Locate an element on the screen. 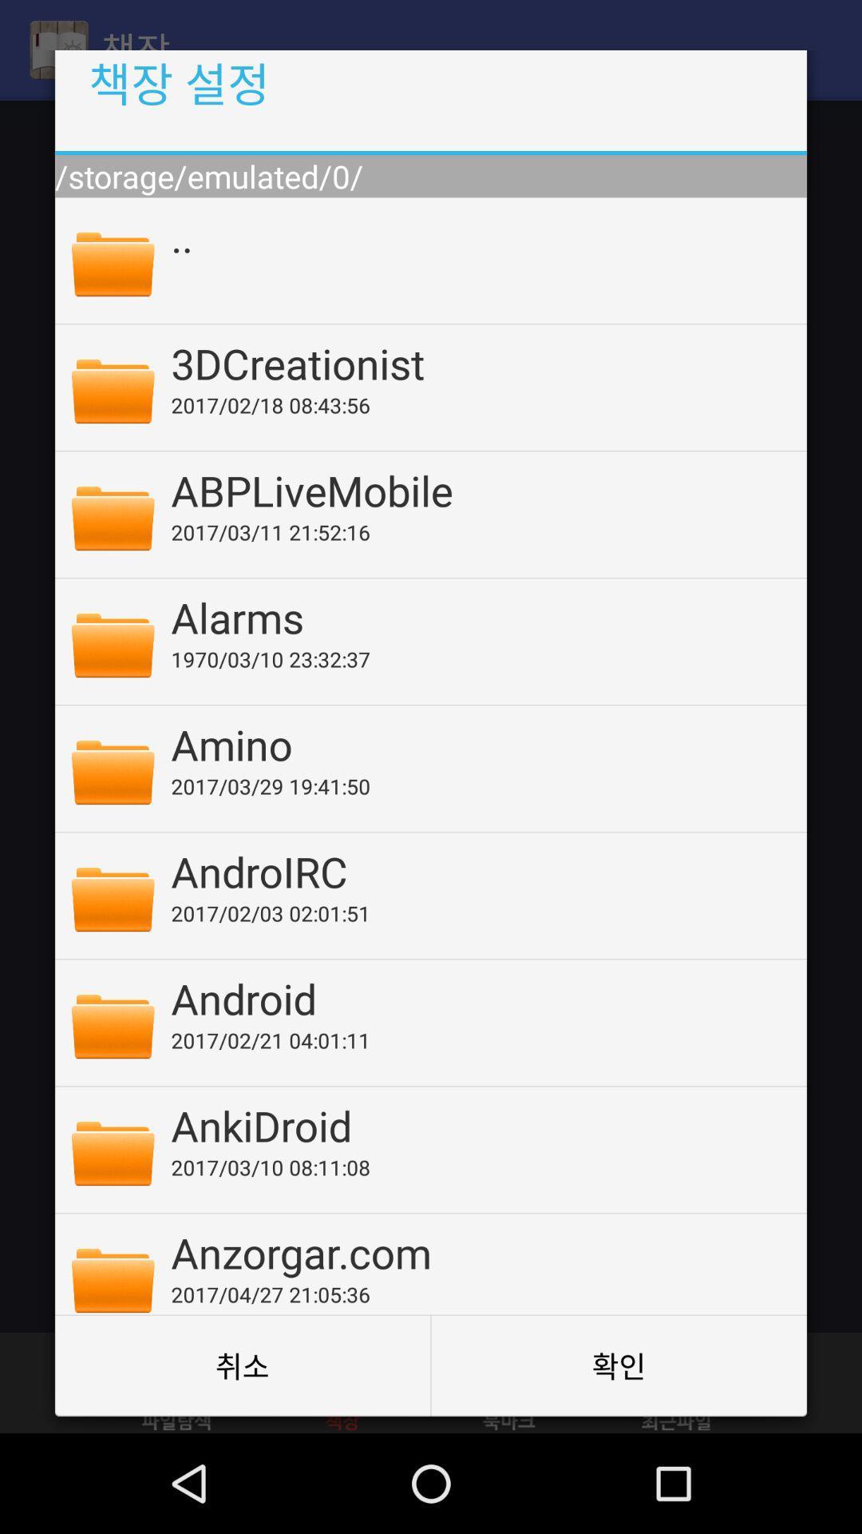 The width and height of the screenshot is (862, 1534). the android app is located at coordinates (477, 997).